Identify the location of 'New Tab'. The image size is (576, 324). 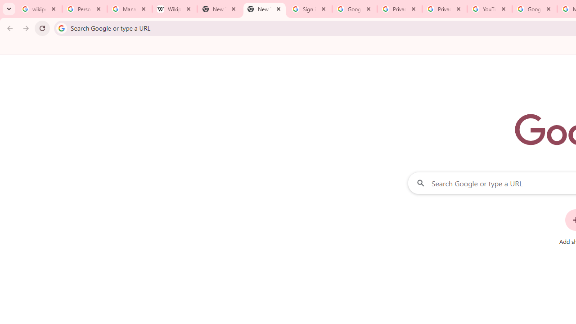
(264, 9).